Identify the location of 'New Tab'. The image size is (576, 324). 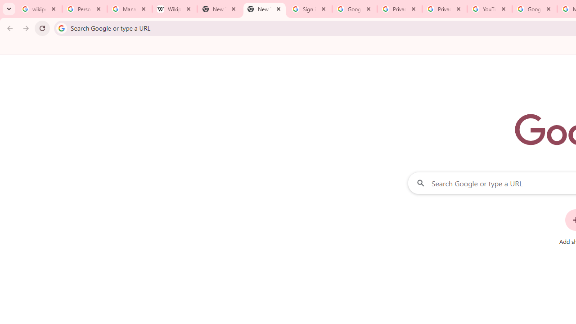
(264, 9).